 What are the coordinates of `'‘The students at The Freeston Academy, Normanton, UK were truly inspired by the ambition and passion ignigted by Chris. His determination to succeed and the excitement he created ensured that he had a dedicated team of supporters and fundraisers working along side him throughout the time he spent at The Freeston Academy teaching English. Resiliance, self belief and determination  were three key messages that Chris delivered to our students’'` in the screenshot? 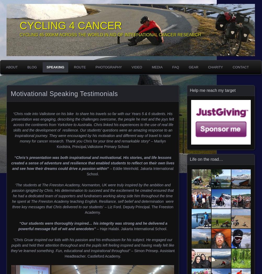 It's located at (93, 196).